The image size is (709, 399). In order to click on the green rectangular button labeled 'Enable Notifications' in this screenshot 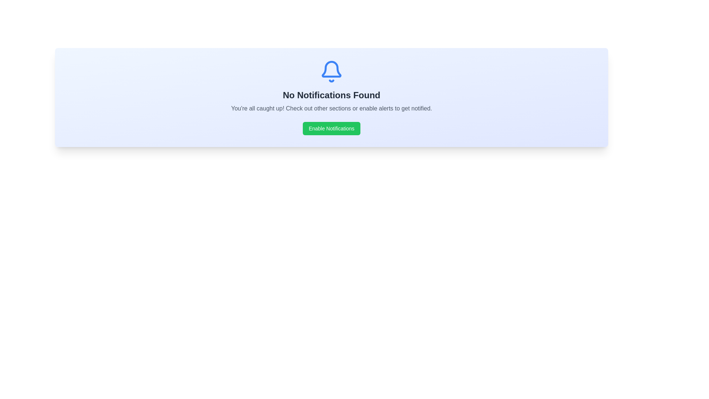, I will do `click(331, 128)`.